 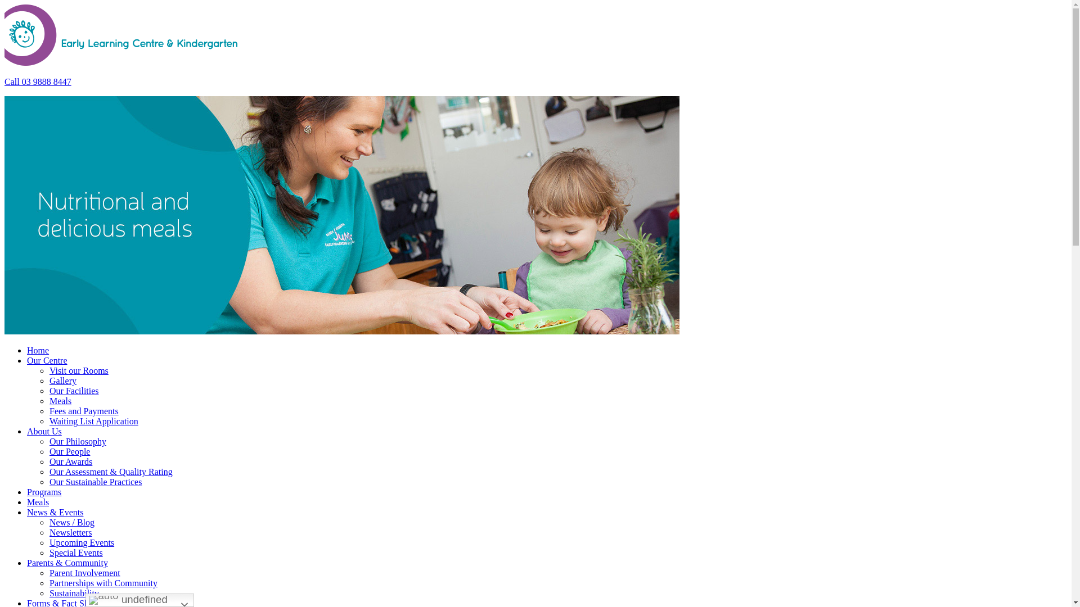 I want to click on 'Our Assessment & Quality Rating', so click(x=111, y=472).